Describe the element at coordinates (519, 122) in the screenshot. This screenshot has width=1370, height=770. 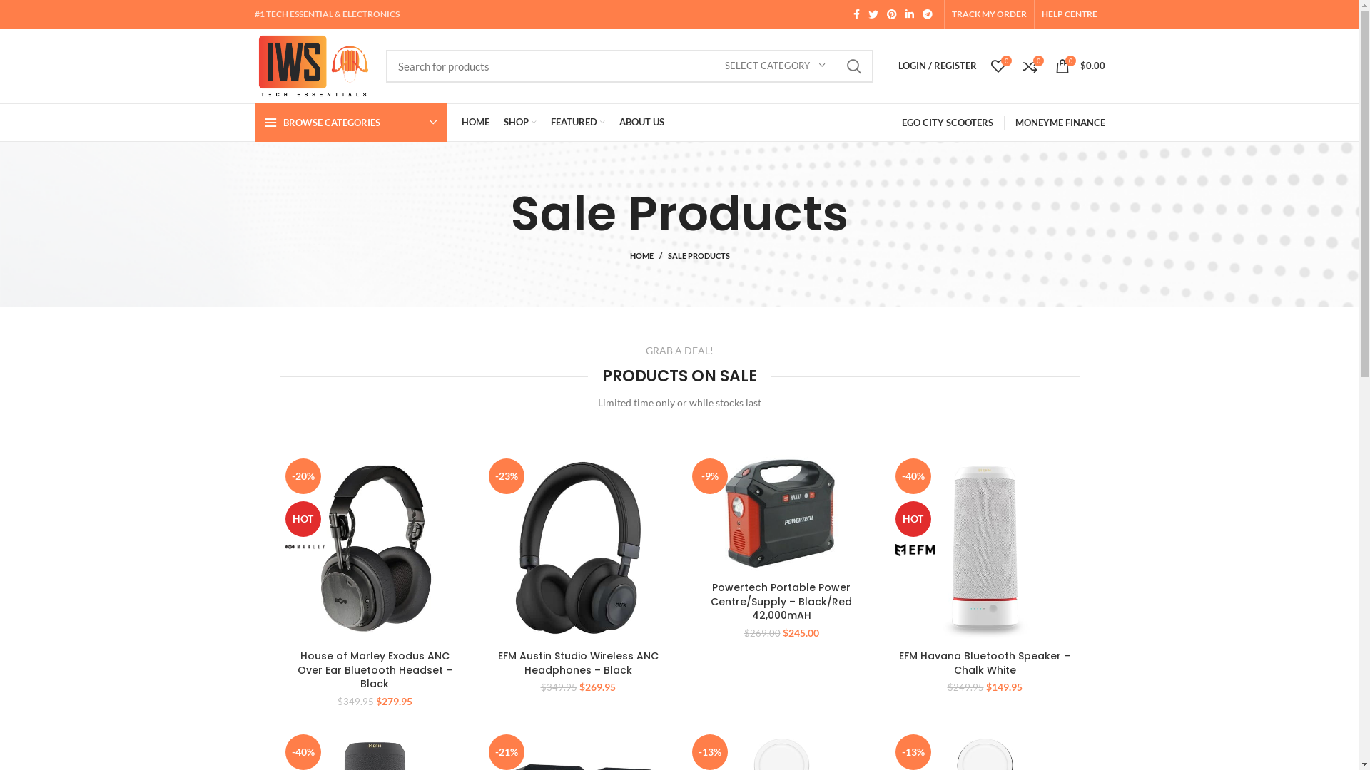
I see `'SHOP'` at that location.